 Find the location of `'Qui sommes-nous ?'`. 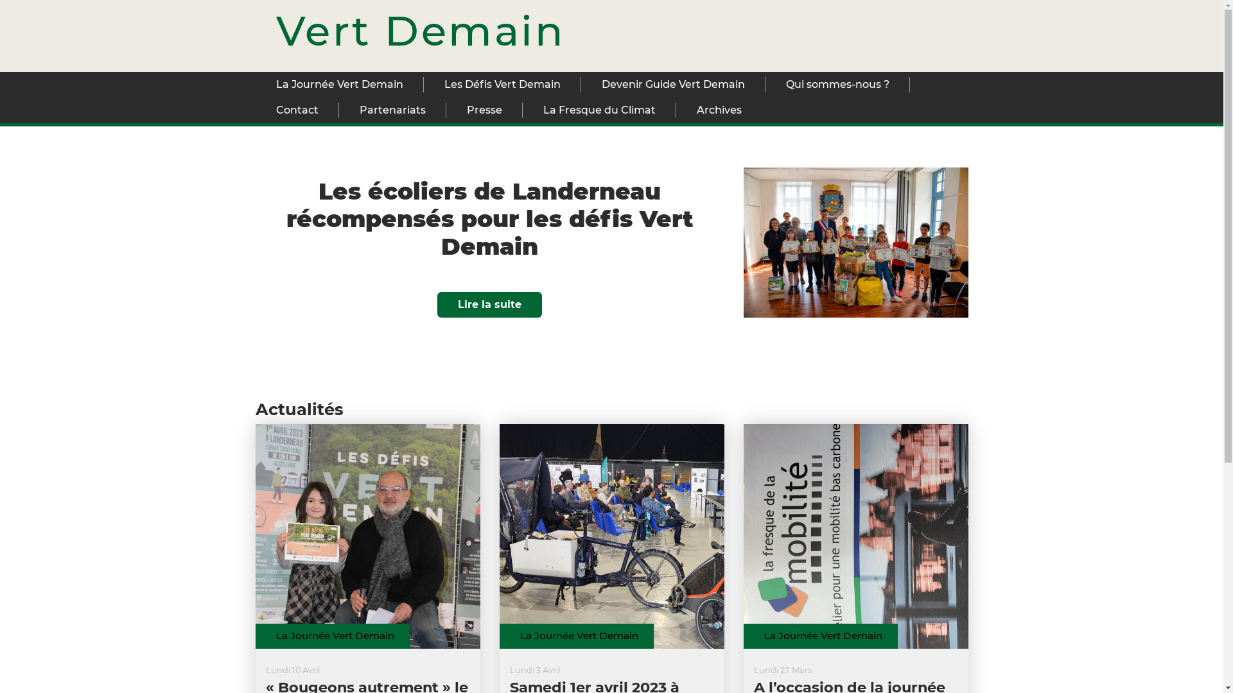

'Qui sommes-nous ?' is located at coordinates (837, 84).